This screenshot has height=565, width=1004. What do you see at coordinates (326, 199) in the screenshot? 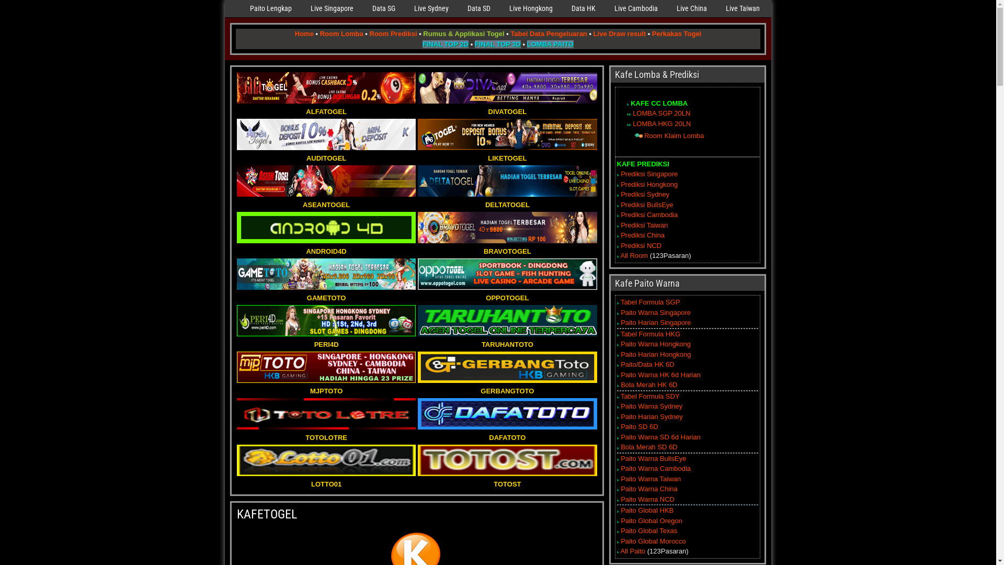
I see `'ASEANTOGEL'` at bounding box center [326, 199].